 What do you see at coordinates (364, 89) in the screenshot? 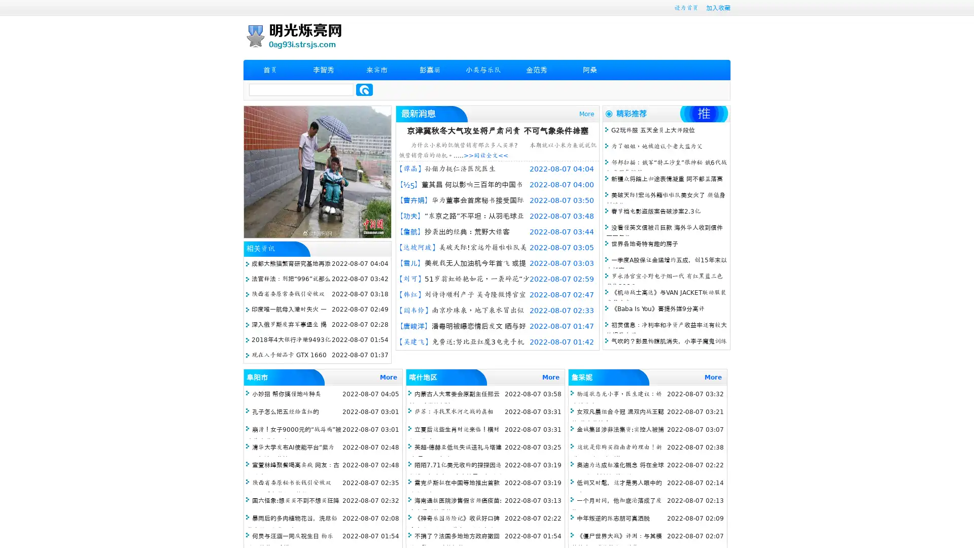
I see `Search` at bounding box center [364, 89].